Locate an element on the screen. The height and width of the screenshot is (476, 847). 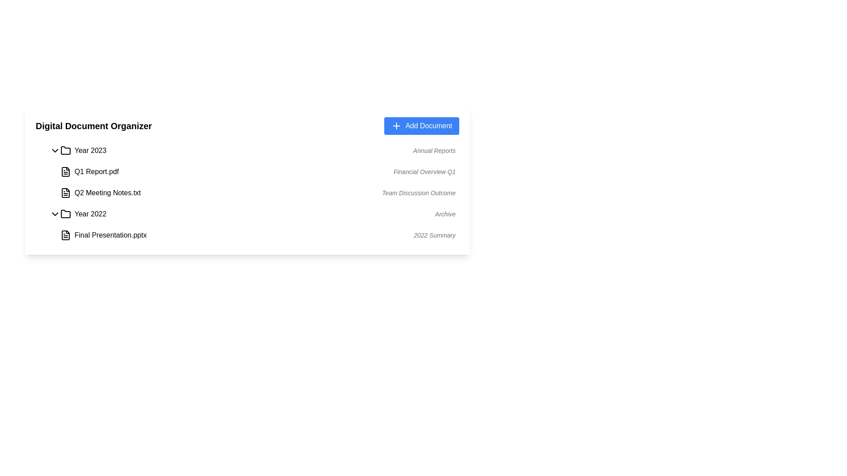
the 'Q2 Meeting Notes.txt' list item, which represents a file with a supplementary description 'Team Discussion Outcome' is located at coordinates (258, 193).